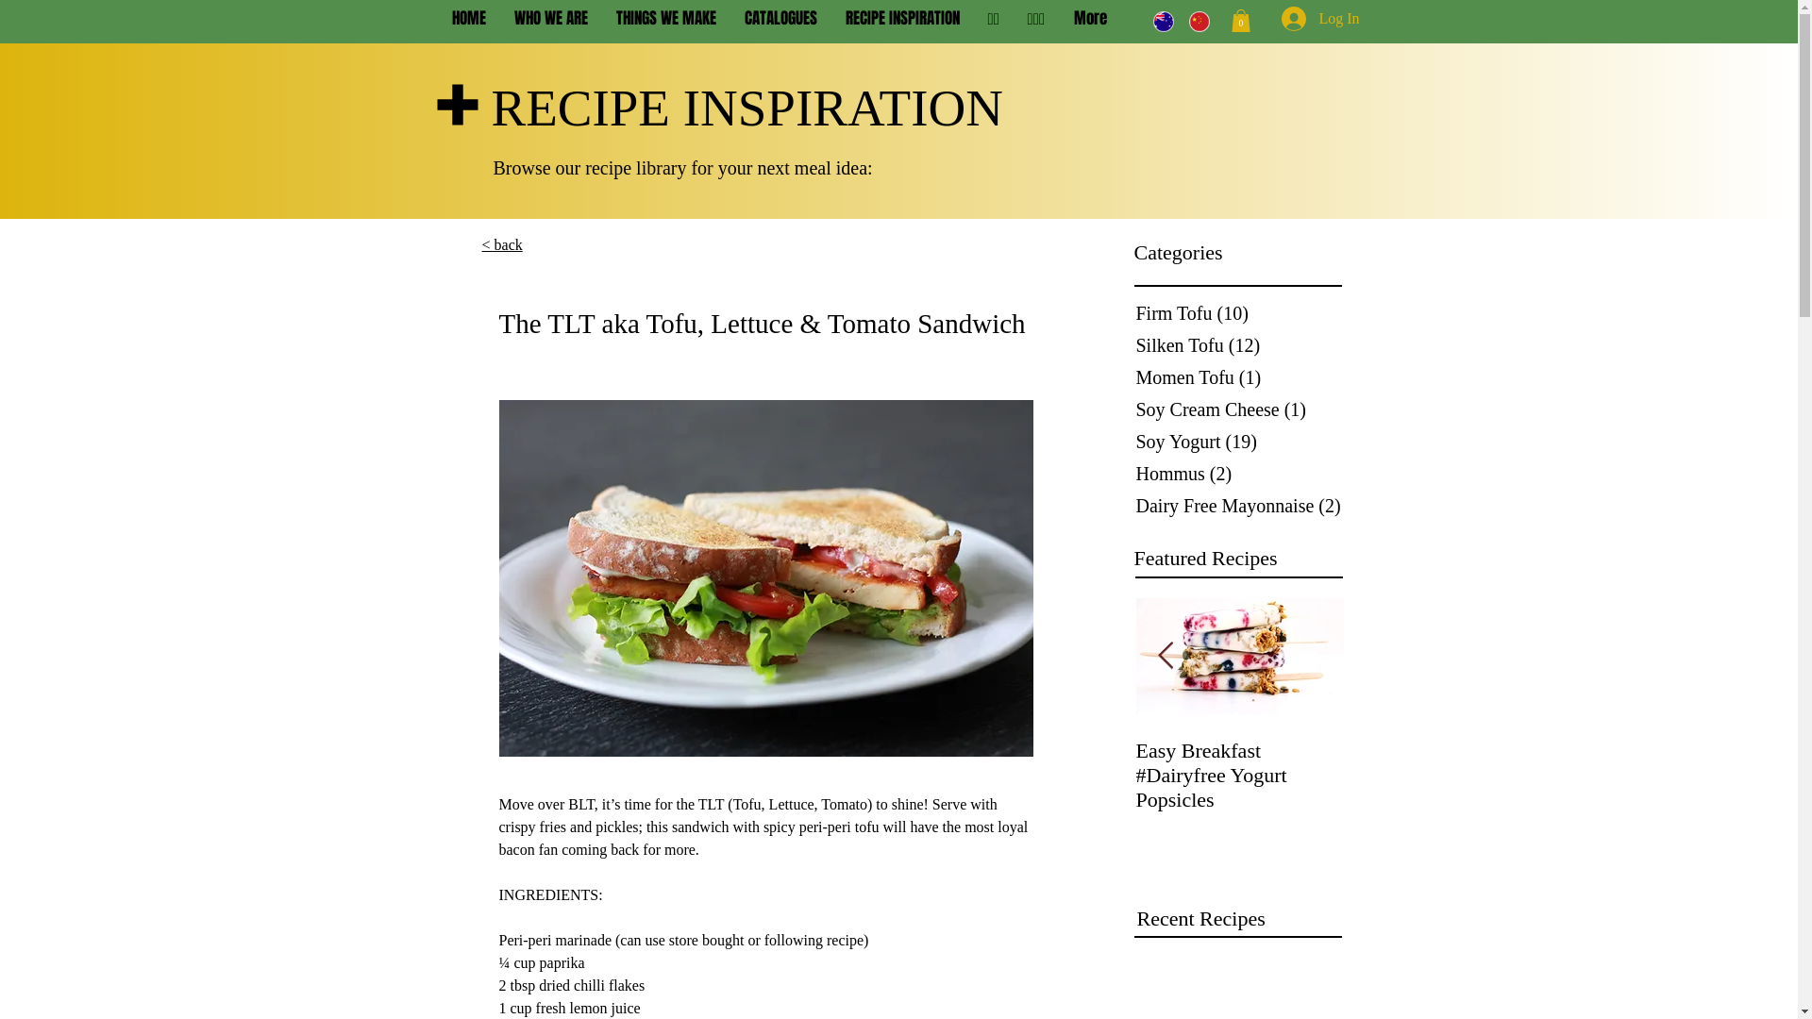 This screenshot has height=1019, width=1812. What do you see at coordinates (1241, 505) in the screenshot?
I see `'Dairy Free Mayonnaise (2)'` at bounding box center [1241, 505].